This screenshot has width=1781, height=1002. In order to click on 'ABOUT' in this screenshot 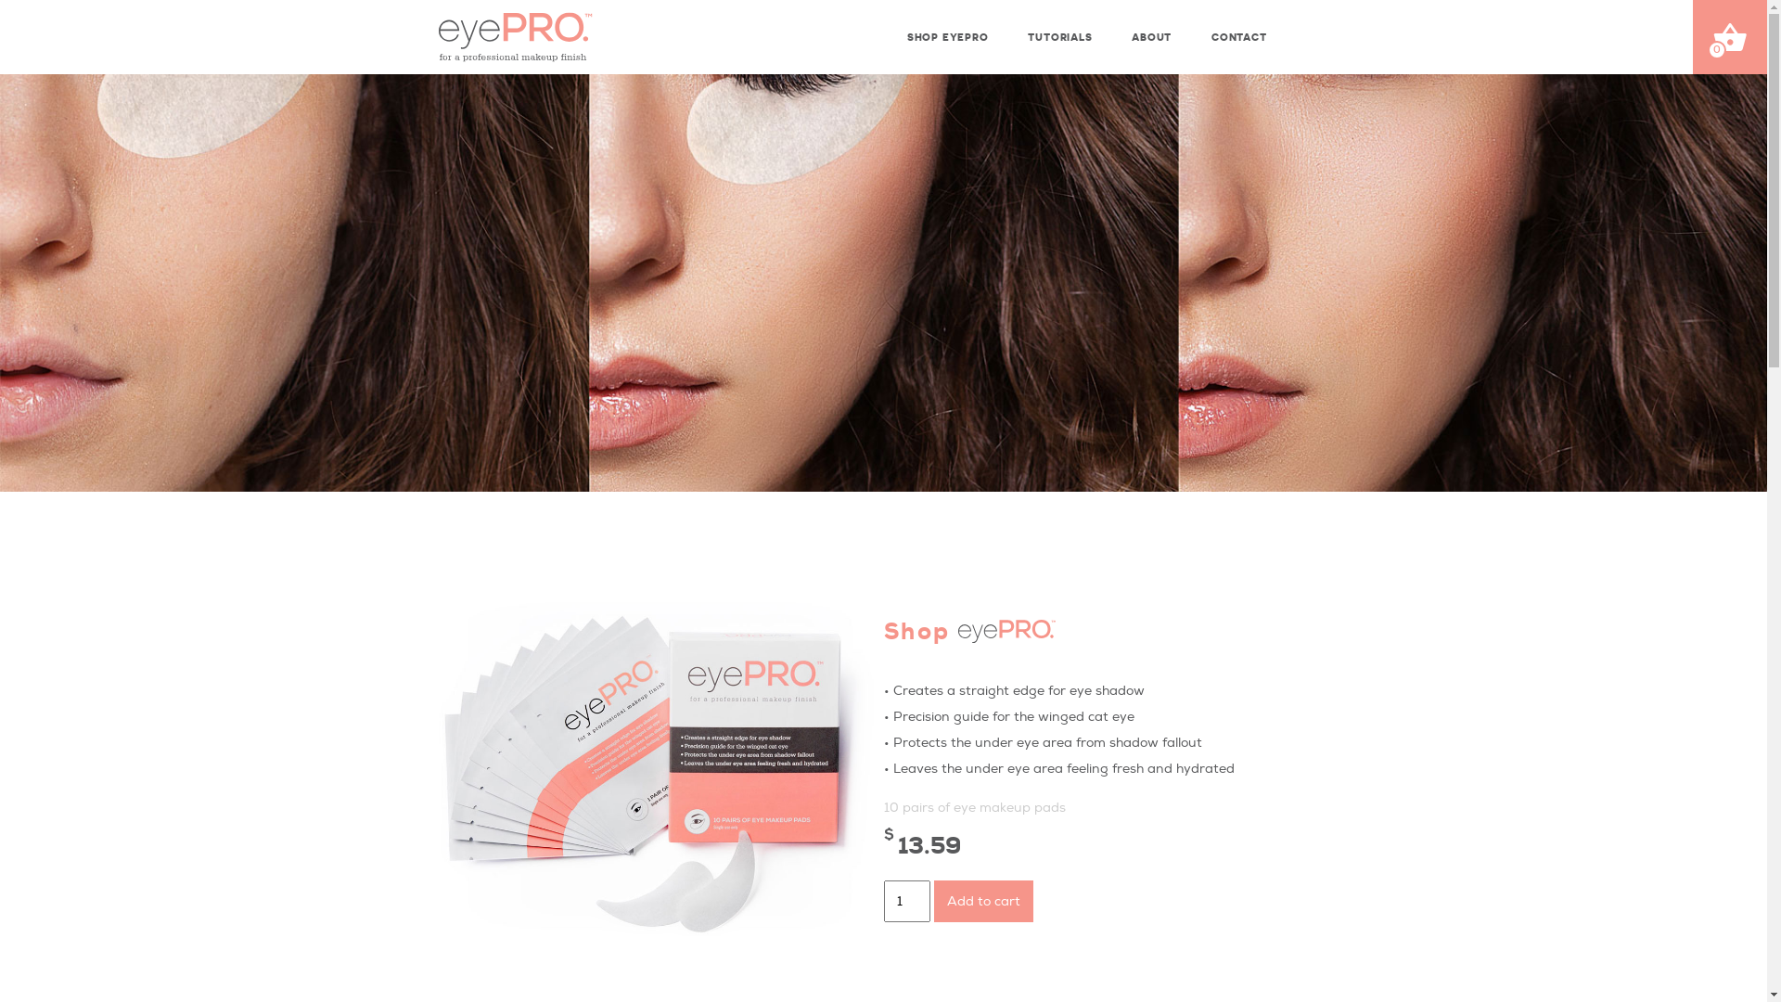, I will do `click(1121, 31)`.